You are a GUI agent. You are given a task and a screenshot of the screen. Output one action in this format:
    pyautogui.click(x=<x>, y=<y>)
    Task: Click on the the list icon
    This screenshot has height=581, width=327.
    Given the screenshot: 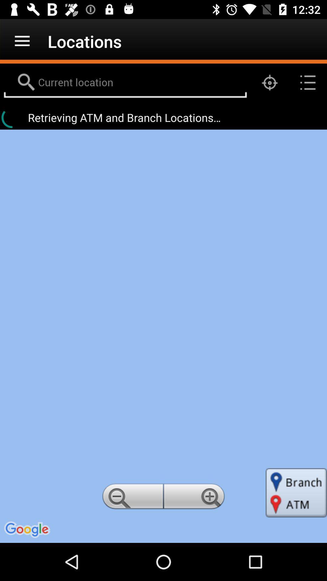 What is the action you would take?
    pyautogui.click(x=308, y=82)
    